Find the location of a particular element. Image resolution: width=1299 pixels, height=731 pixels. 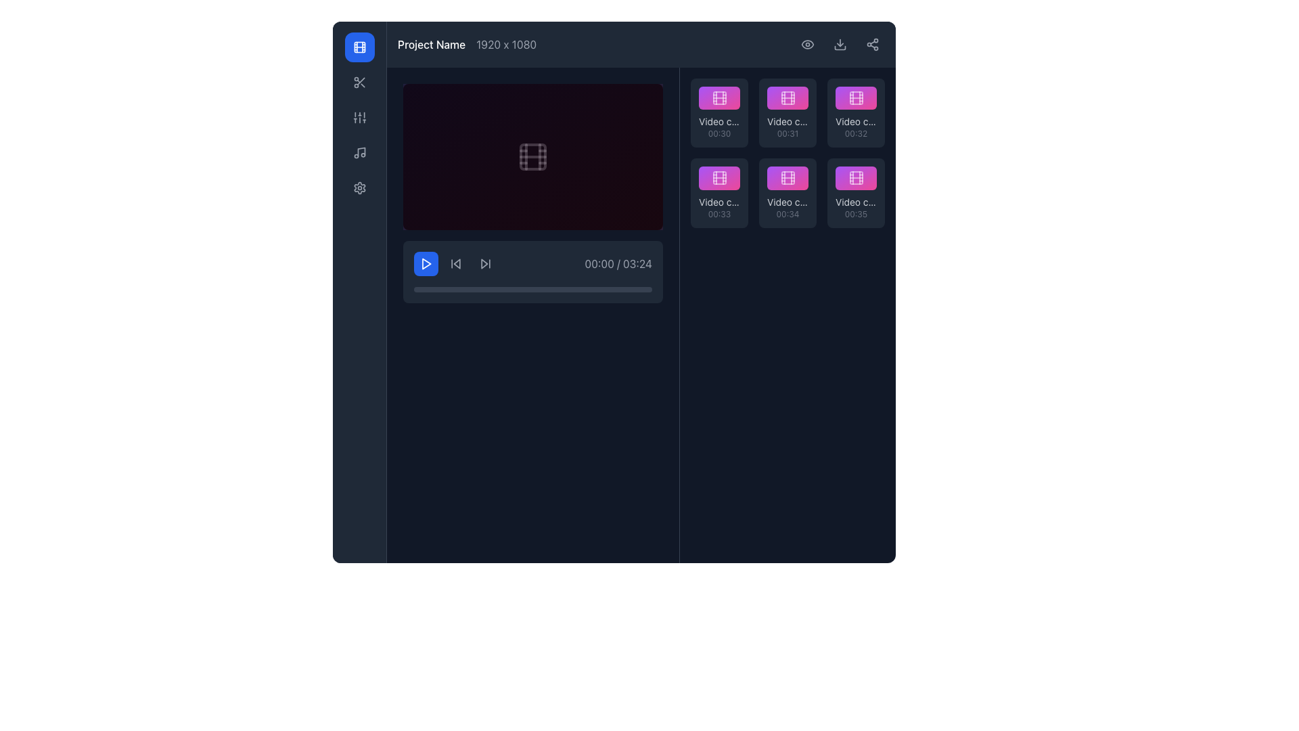

the small rounded rectangle icon with a pinkish hue located in the bottom-right tile of the video clip labeled '00:35' to initiate an action related to the video clip is located at coordinates (855, 177).